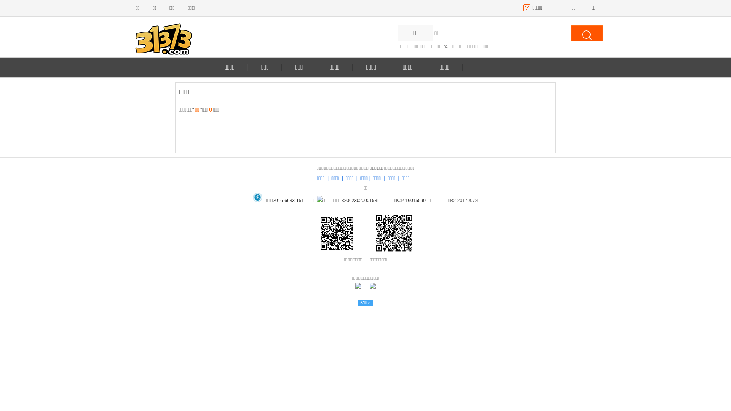  What do you see at coordinates (444, 46) in the screenshot?
I see `'h5'` at bounding box center [444, 46].